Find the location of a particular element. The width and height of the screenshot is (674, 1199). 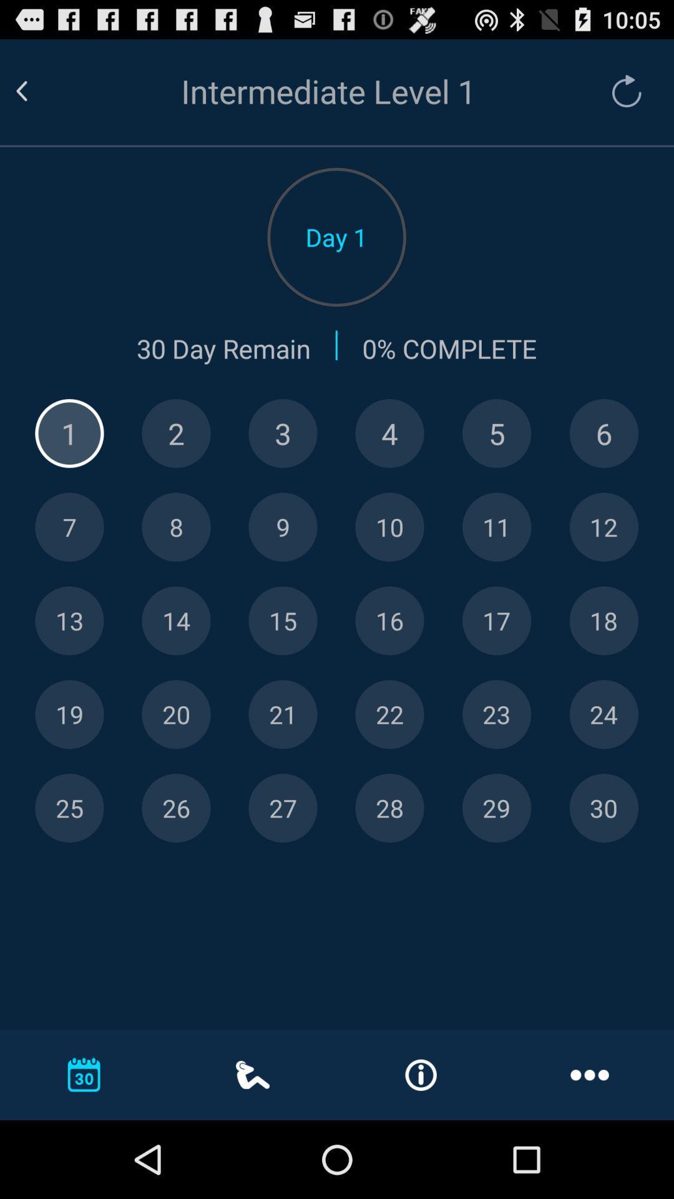

the navigation icon is located at coordinates (496, 663).